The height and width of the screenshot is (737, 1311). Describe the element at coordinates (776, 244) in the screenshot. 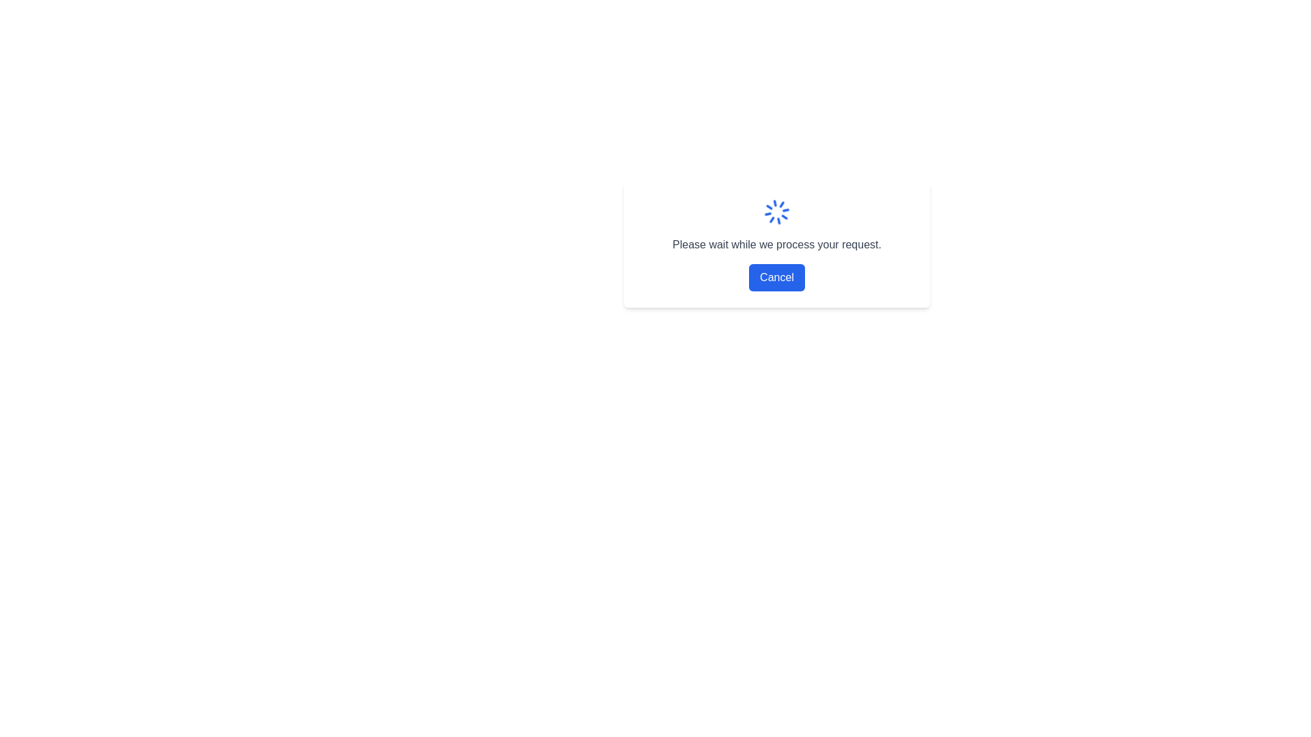

I see `the text label displaying 'Please wait while we process your request.' which is centered in the dialog box, positioned between a loading spinner and a 'Cancel' button` at that location.